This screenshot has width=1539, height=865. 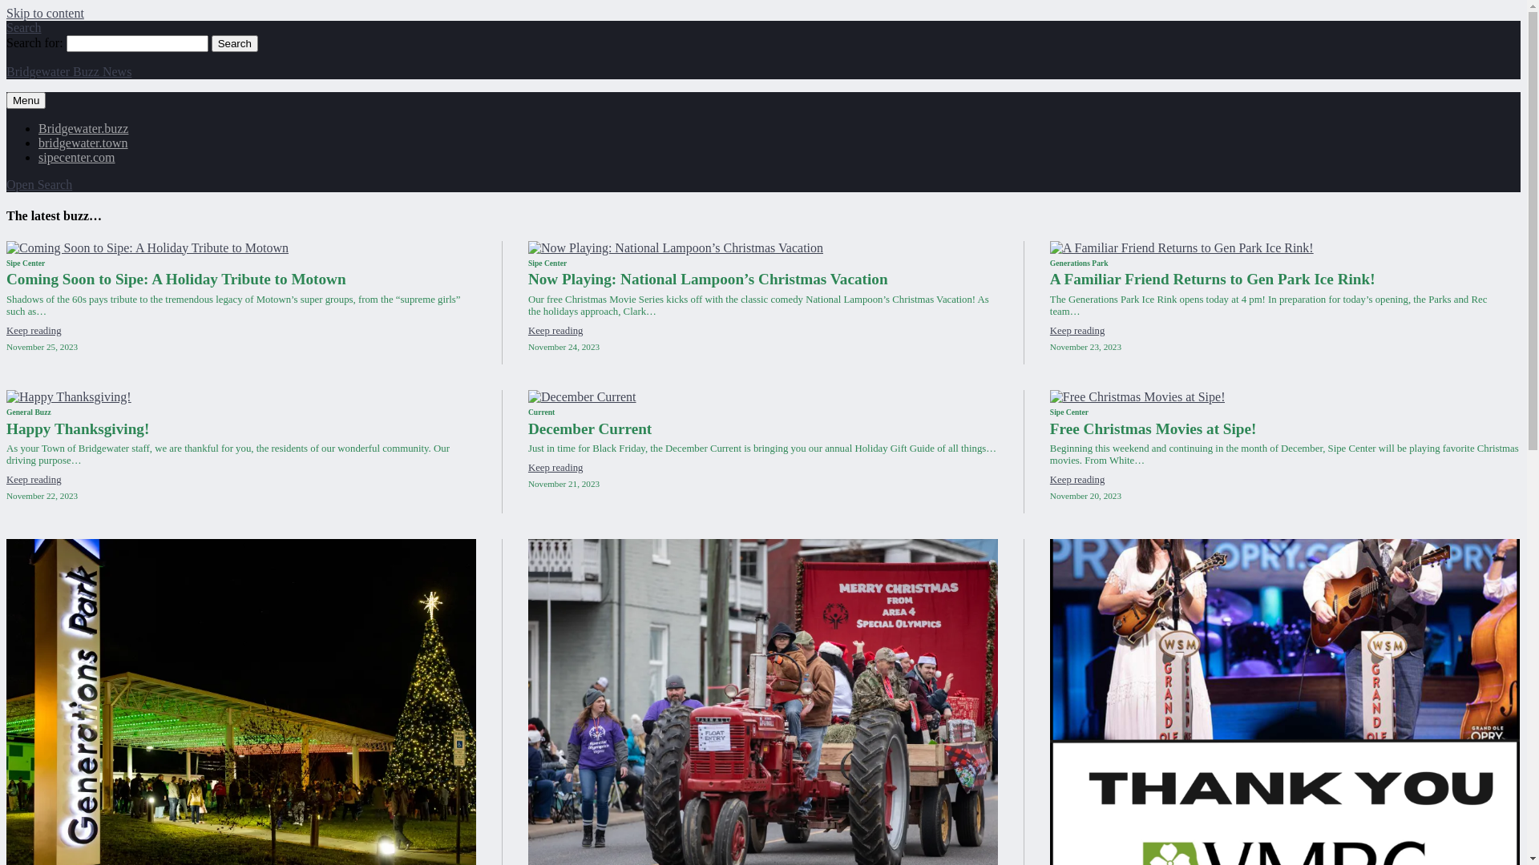 I want to click on 'Search', so click(x=211, y=42).